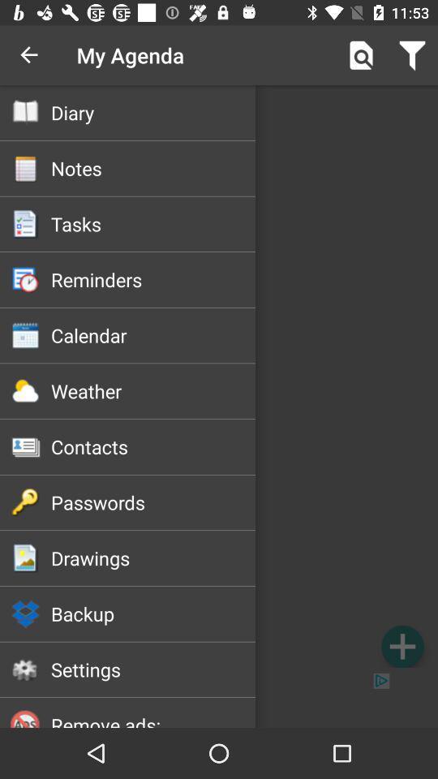  What do you see at coordinates (401, 646) in the screenshot?
I see `option` at bounding box center [401, 646].